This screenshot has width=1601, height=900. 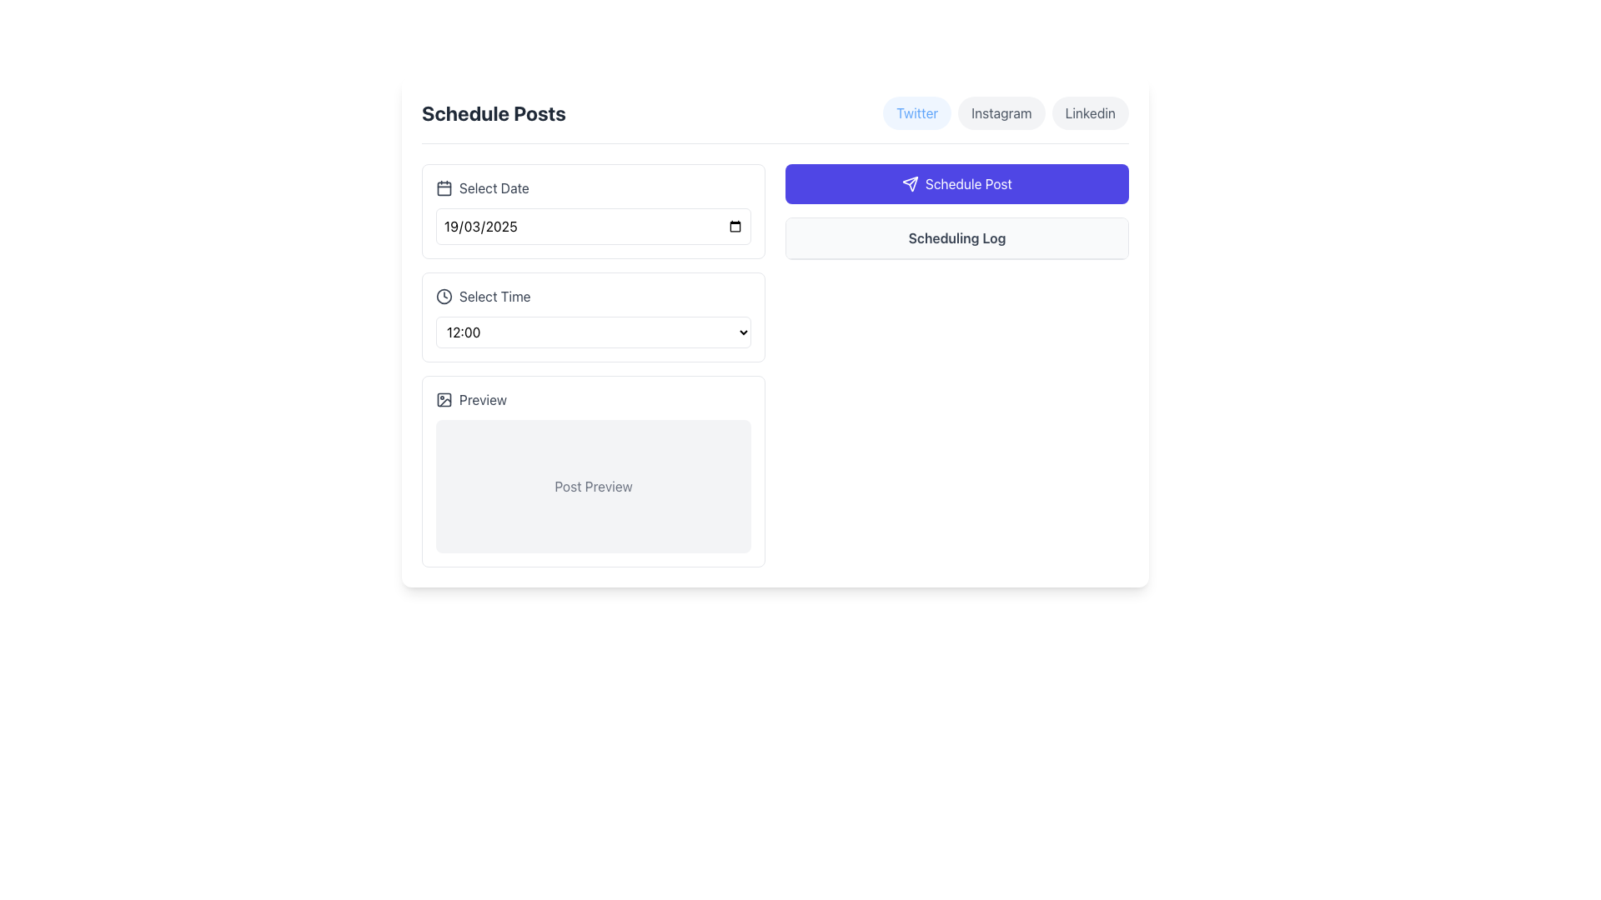 I want to click on the first button in the group of three buttons located in the top-right corner of the interface, so click(x=916, y=112).